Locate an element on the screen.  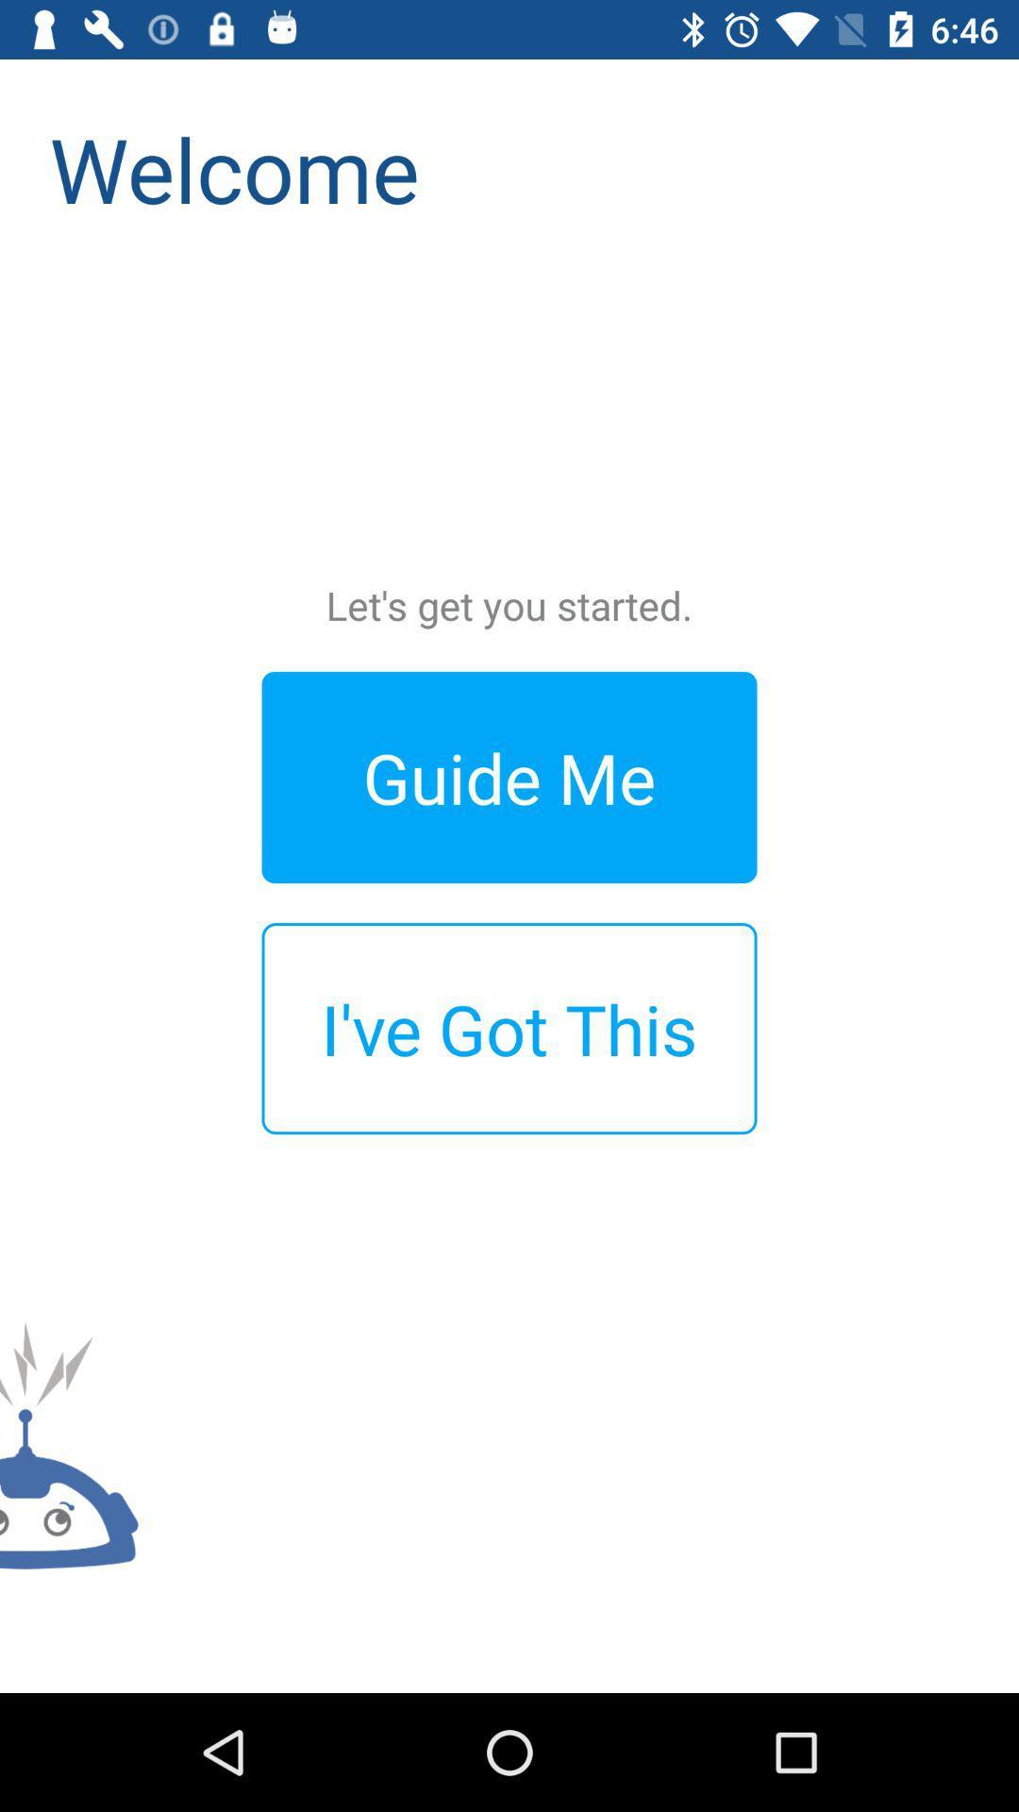
the guide me icon is located at coordinates (509, 777).